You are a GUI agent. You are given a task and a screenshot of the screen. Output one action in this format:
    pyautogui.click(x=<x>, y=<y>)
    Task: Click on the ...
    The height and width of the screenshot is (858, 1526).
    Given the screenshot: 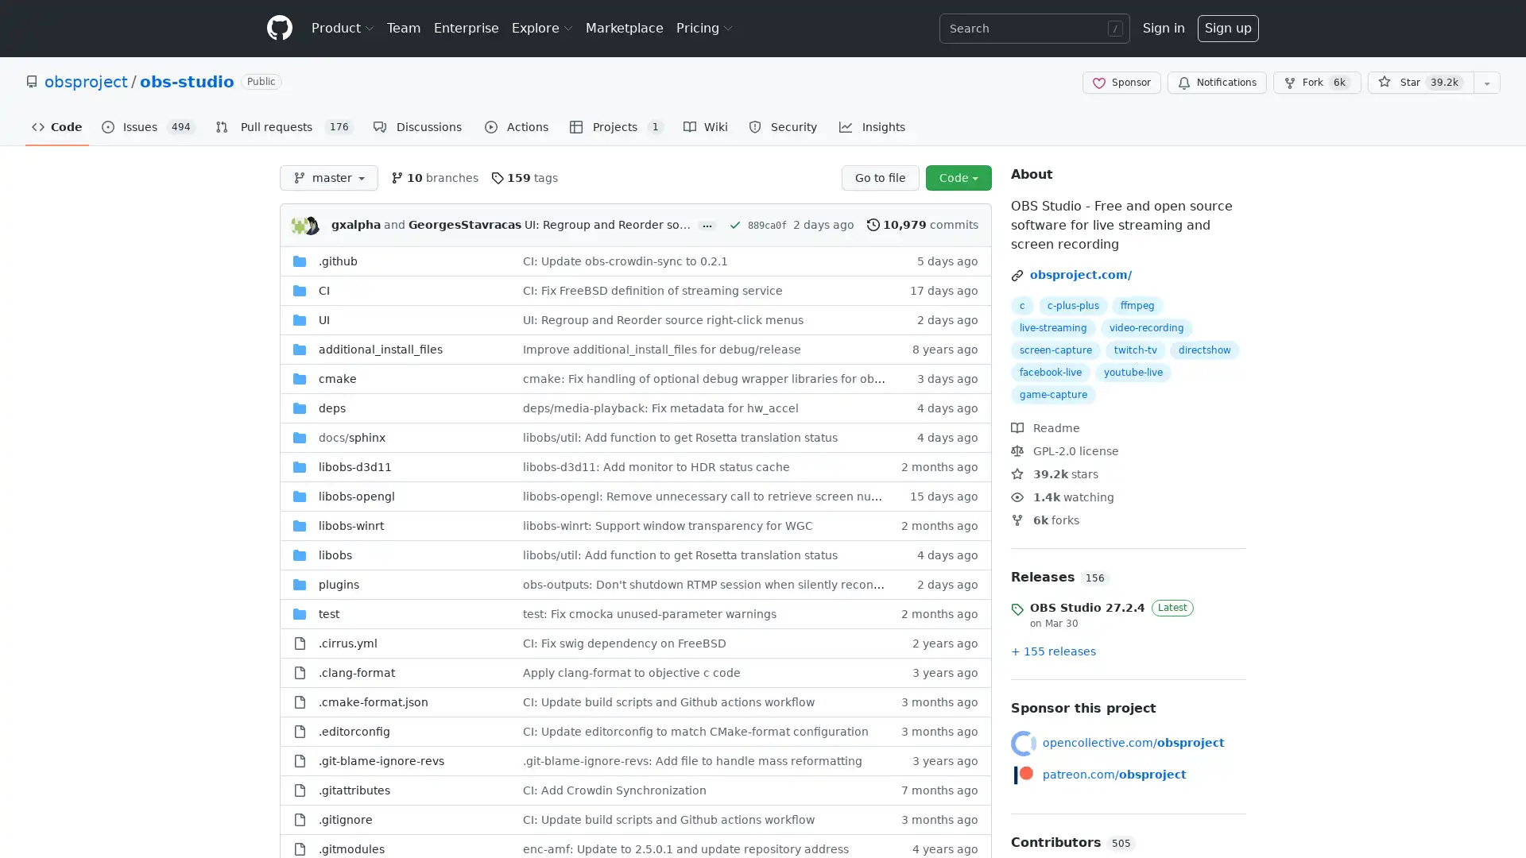 What is the action you would take?
    pyautogui.click(x=706, y=226)
    